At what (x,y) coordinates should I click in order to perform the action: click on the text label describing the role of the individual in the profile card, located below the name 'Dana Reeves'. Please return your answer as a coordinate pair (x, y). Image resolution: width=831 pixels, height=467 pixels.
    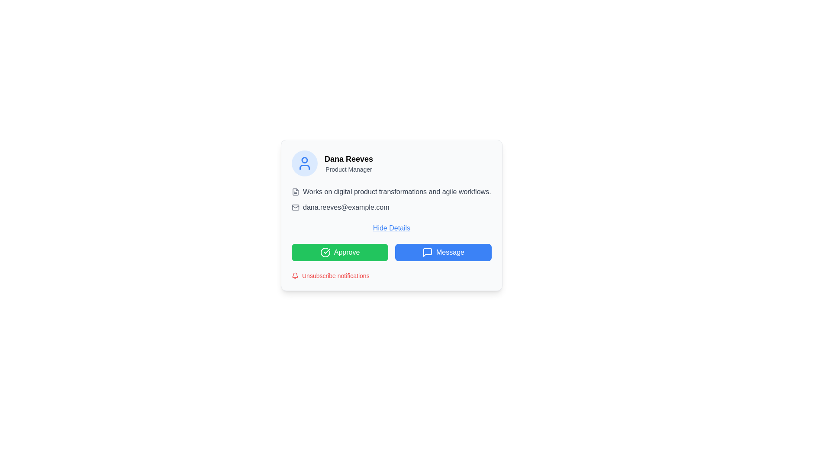
    Looking at the image, I should click on (349, 170).